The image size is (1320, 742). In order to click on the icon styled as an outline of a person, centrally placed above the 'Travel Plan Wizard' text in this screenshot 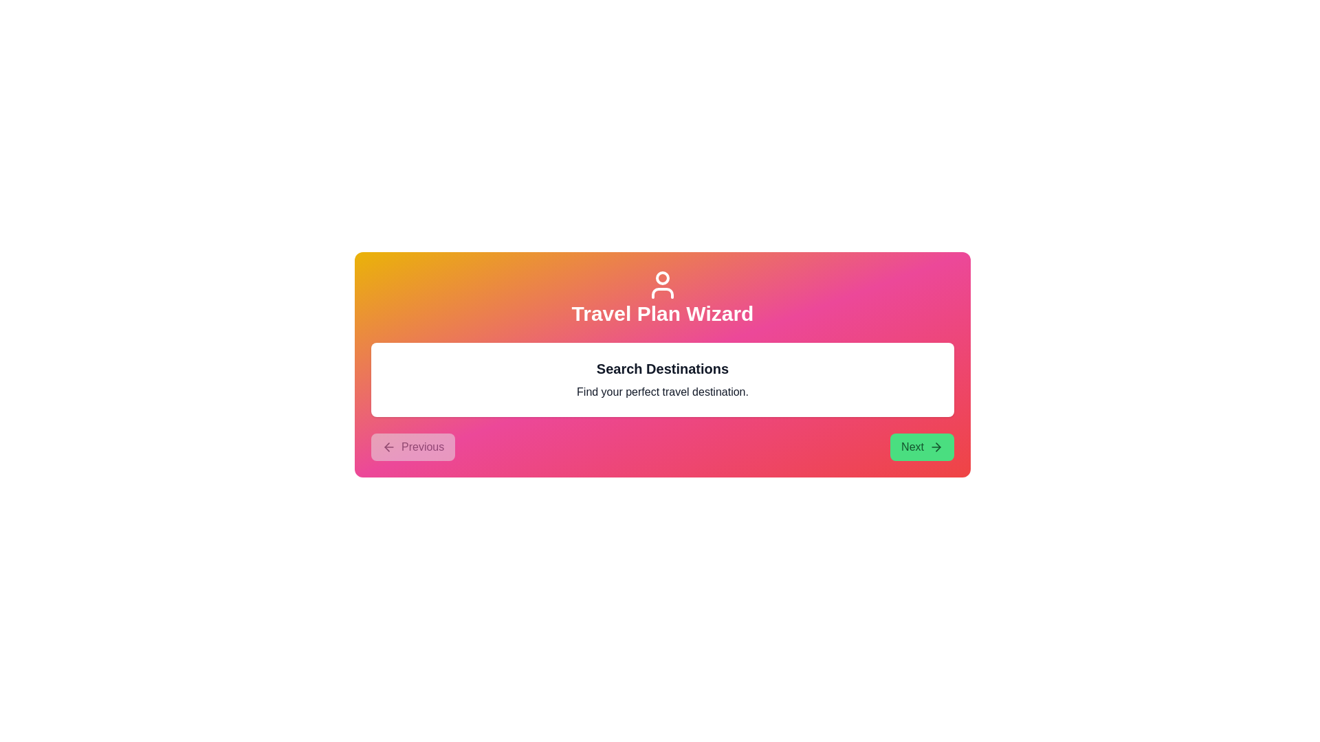, I will do `click(663, 284)`.